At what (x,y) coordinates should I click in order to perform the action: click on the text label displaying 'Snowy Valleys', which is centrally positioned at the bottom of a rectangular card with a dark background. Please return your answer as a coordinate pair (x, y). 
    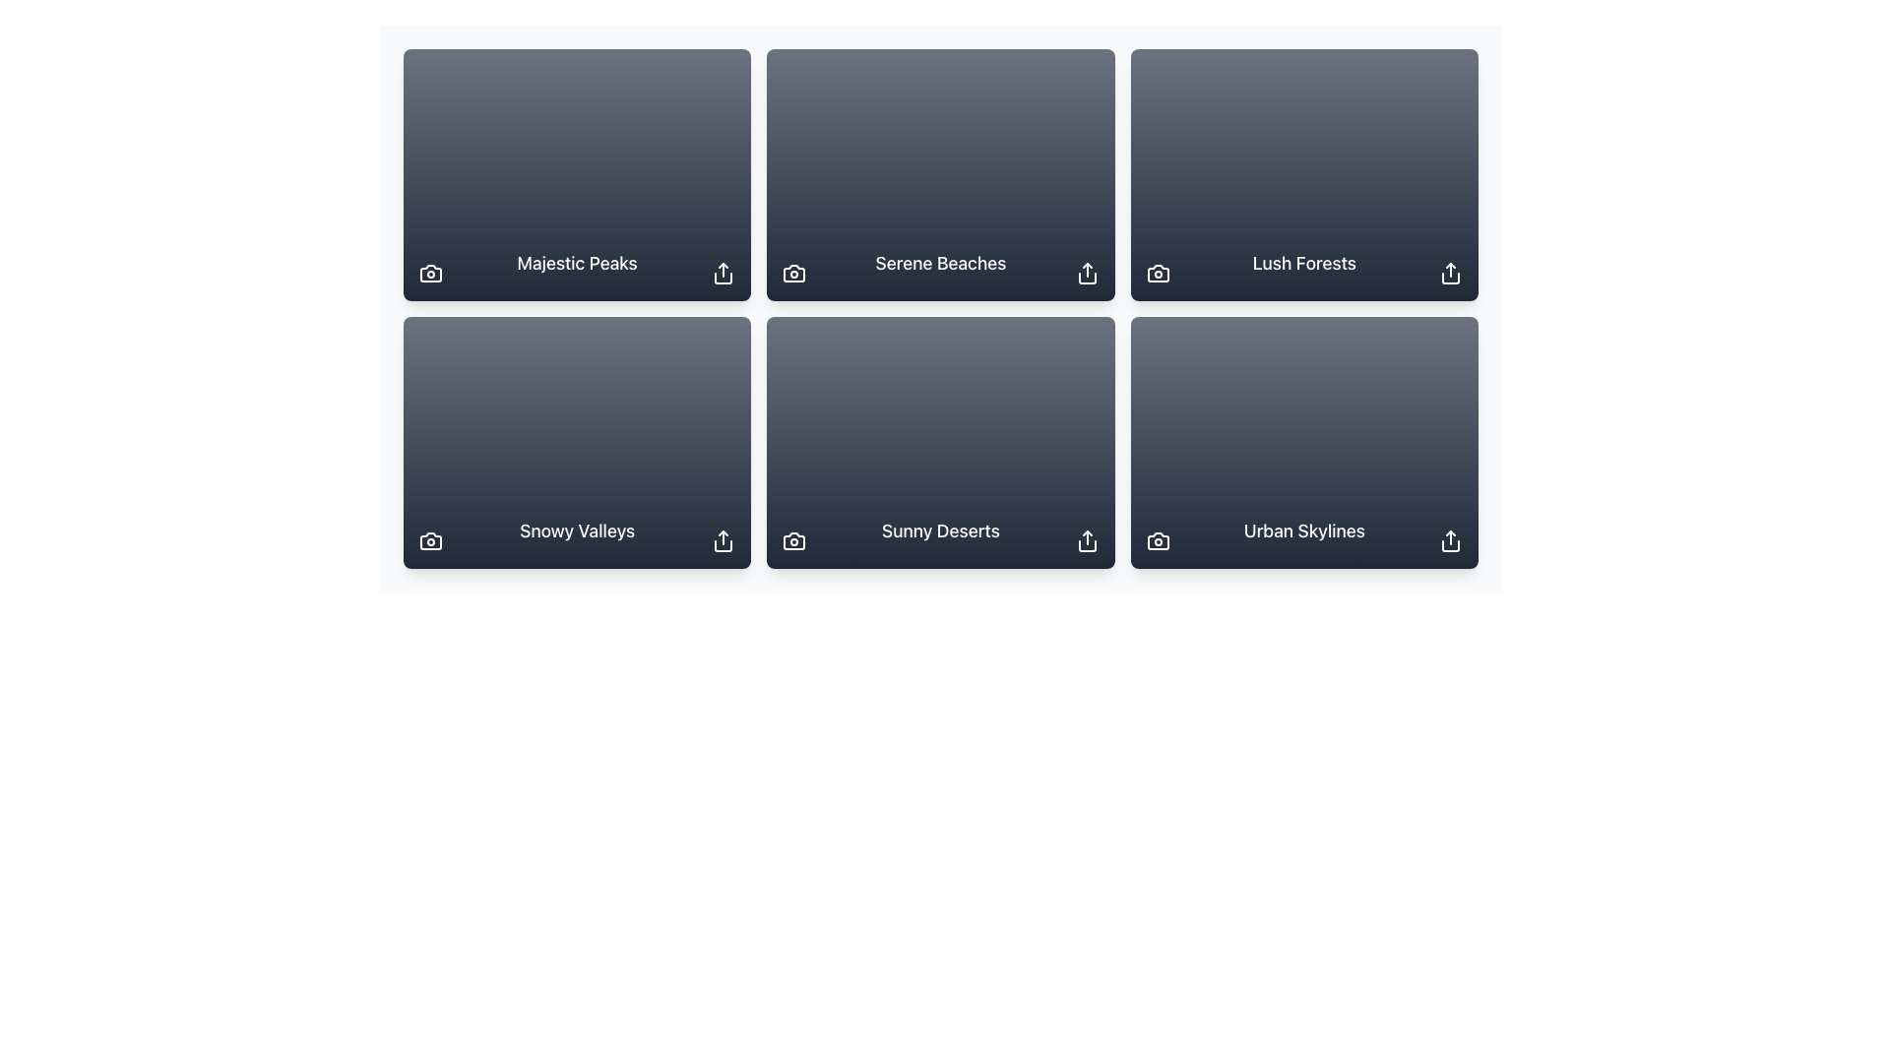
    Looking at the image, I should click on (576, 531).